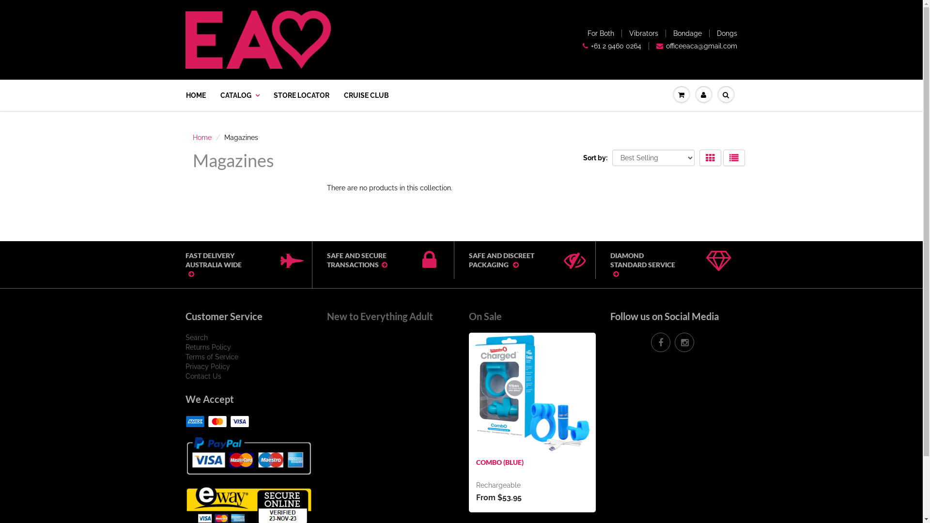 This screenshot has height=523, width=930. What do you see at coordinates (202, 375) in the screenshot?
I see `'Contact Us'` at bounding box center [202, 375].